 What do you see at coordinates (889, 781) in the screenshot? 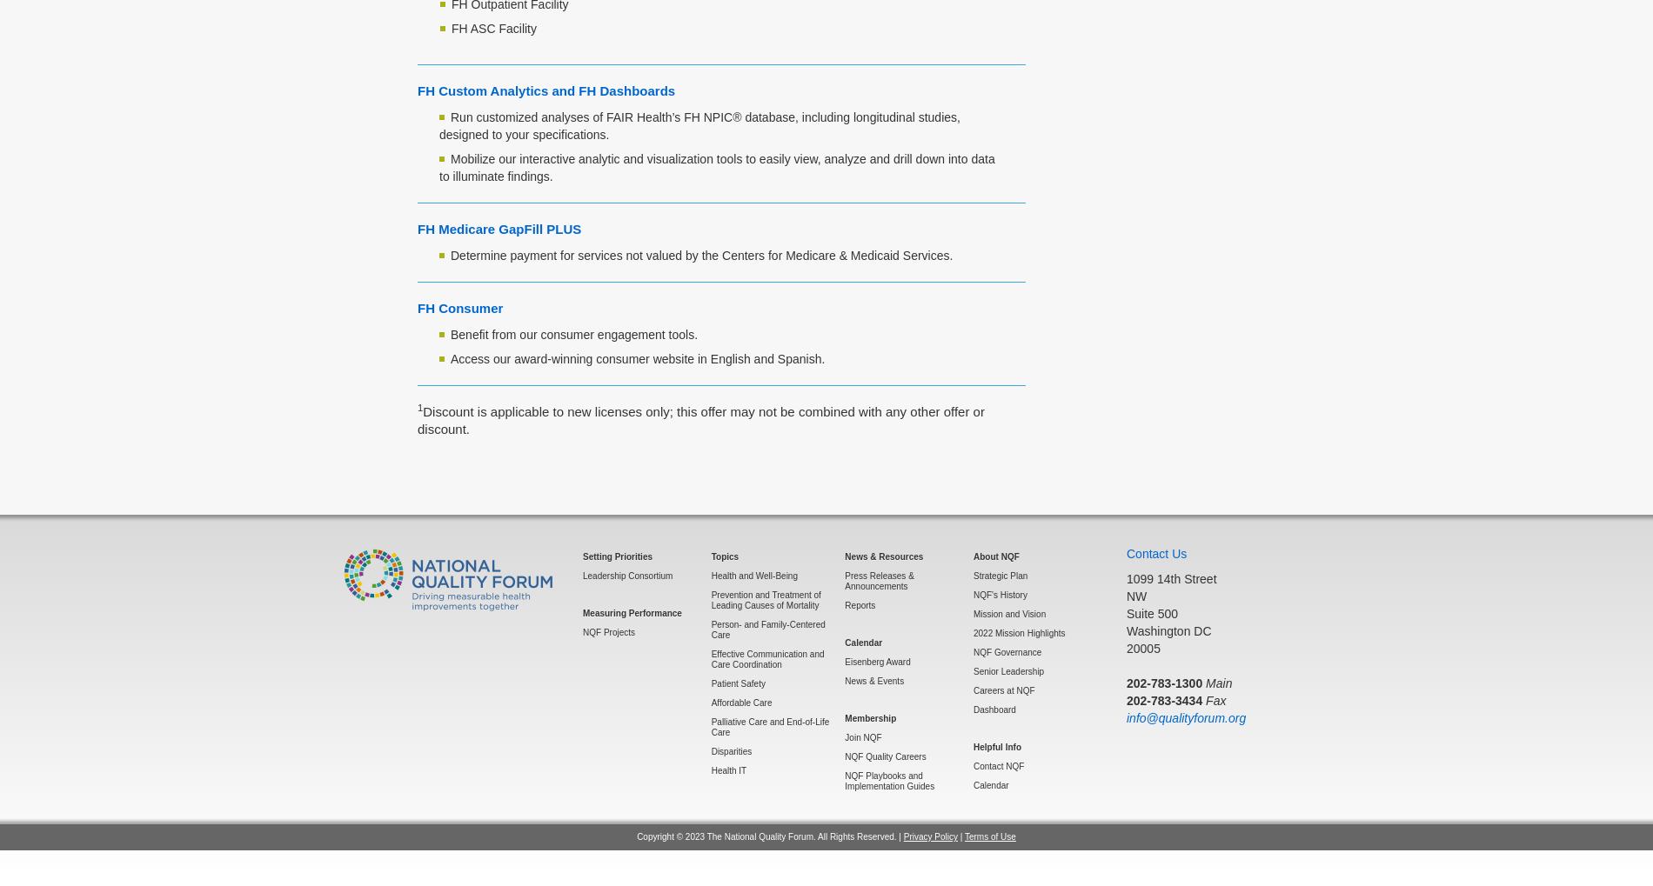
I see `'NQF Playbooks and Implementation Guides'` at bounding box center [889, 781].